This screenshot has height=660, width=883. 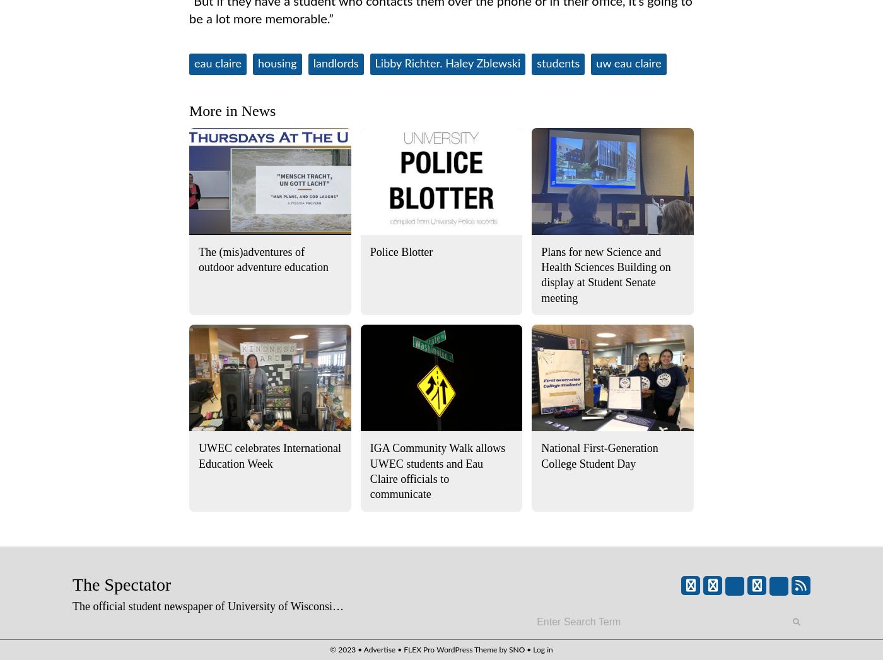 What do you see at coordinates (346, 649) in the screenshot?
I see `'© 2023  •'` at bounding box center [346, 649].